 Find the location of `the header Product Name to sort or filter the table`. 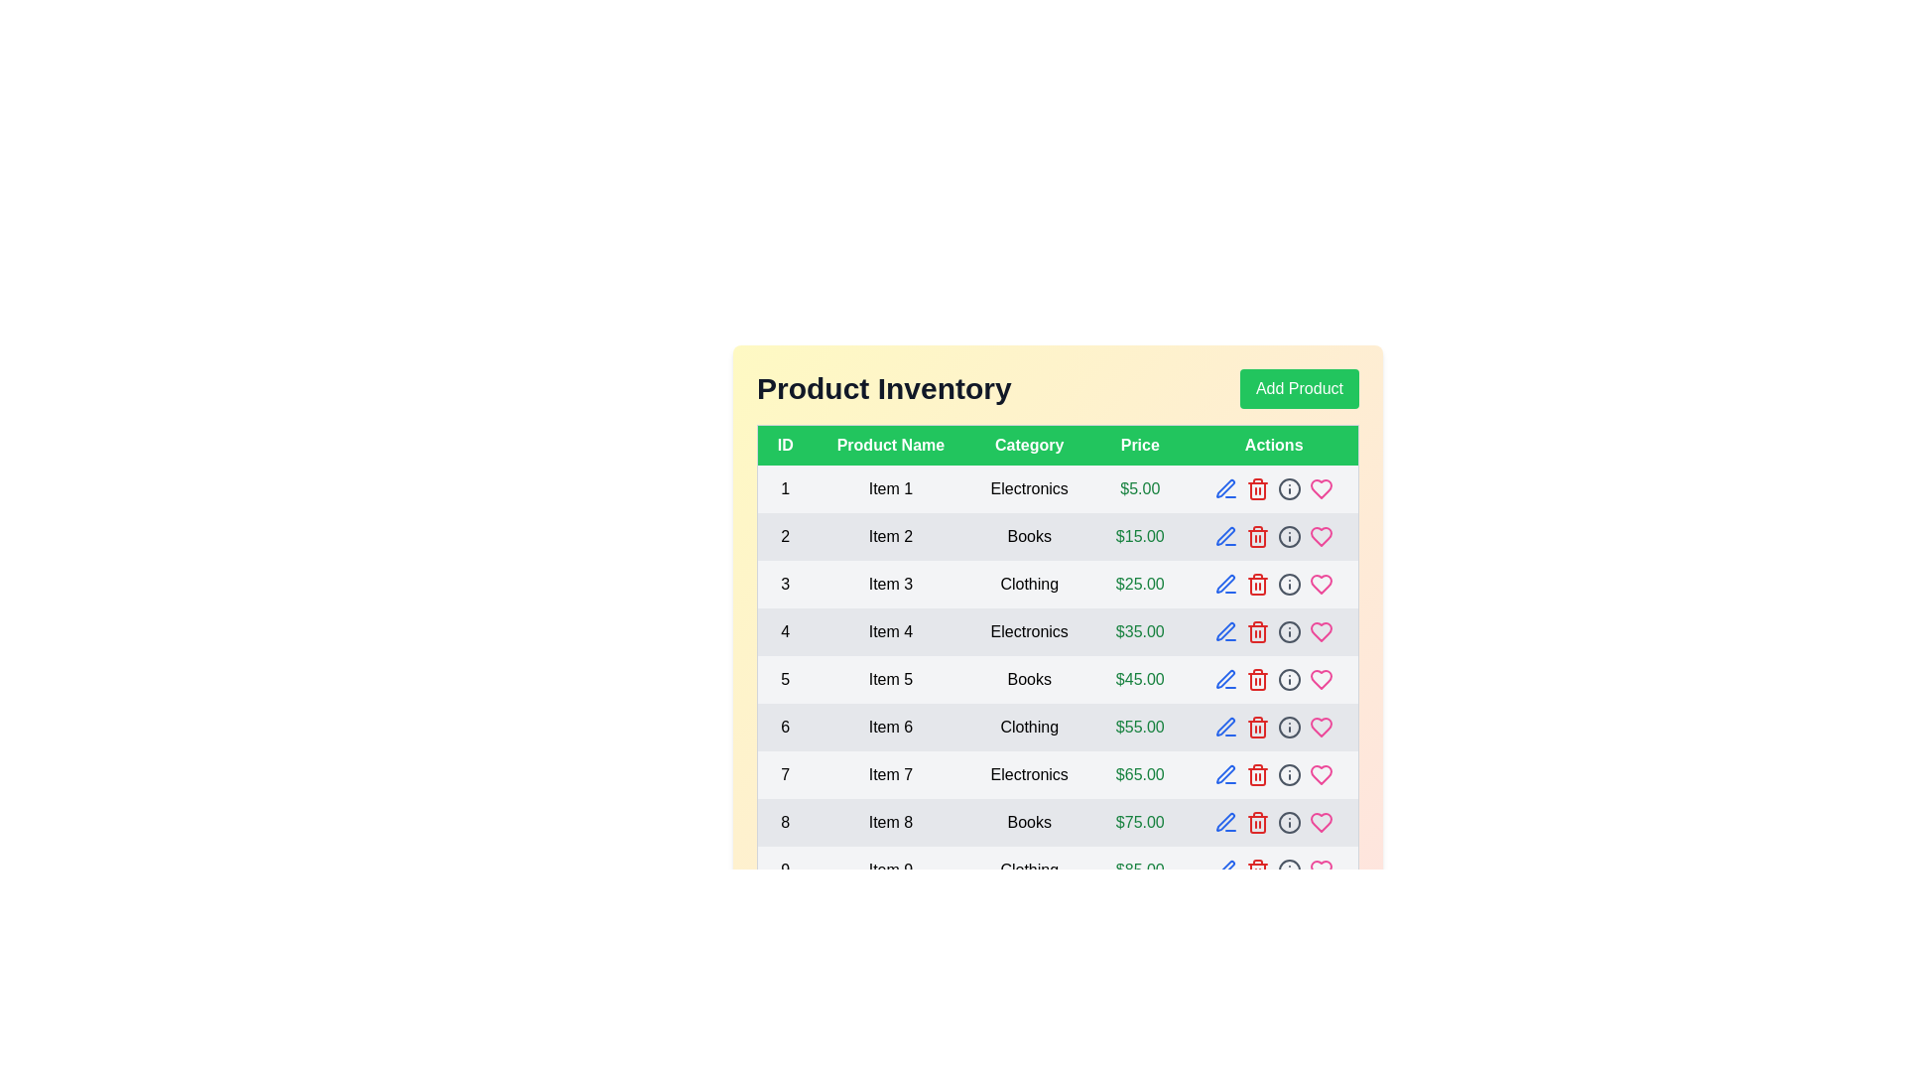

the header Product Name to sort or filter the table is located at coordinates (889, 444).